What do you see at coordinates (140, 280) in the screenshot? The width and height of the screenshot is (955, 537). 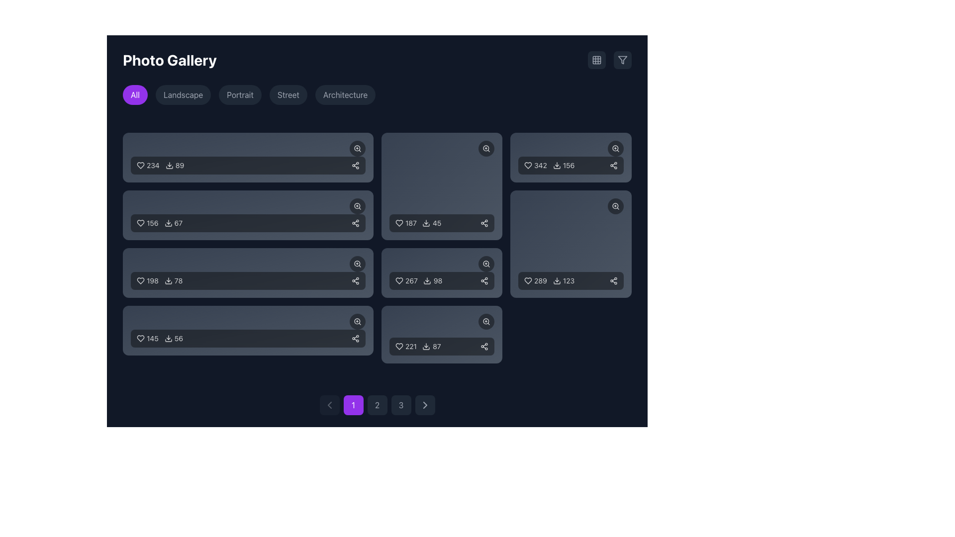 I see `the 'like' or 'favorite' icon button located in the third row of the UI card` at bounding box center [140, 280].